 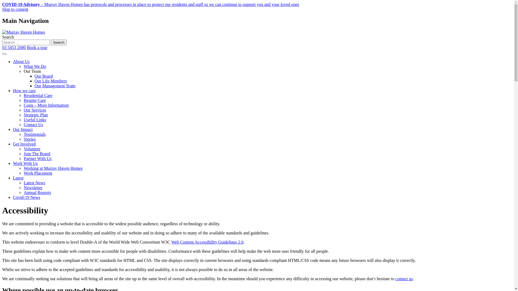 What do you see at coordinates (38, 95) in the screenshot?
I see `'Residential Care'` at bounding box center [38, 95].